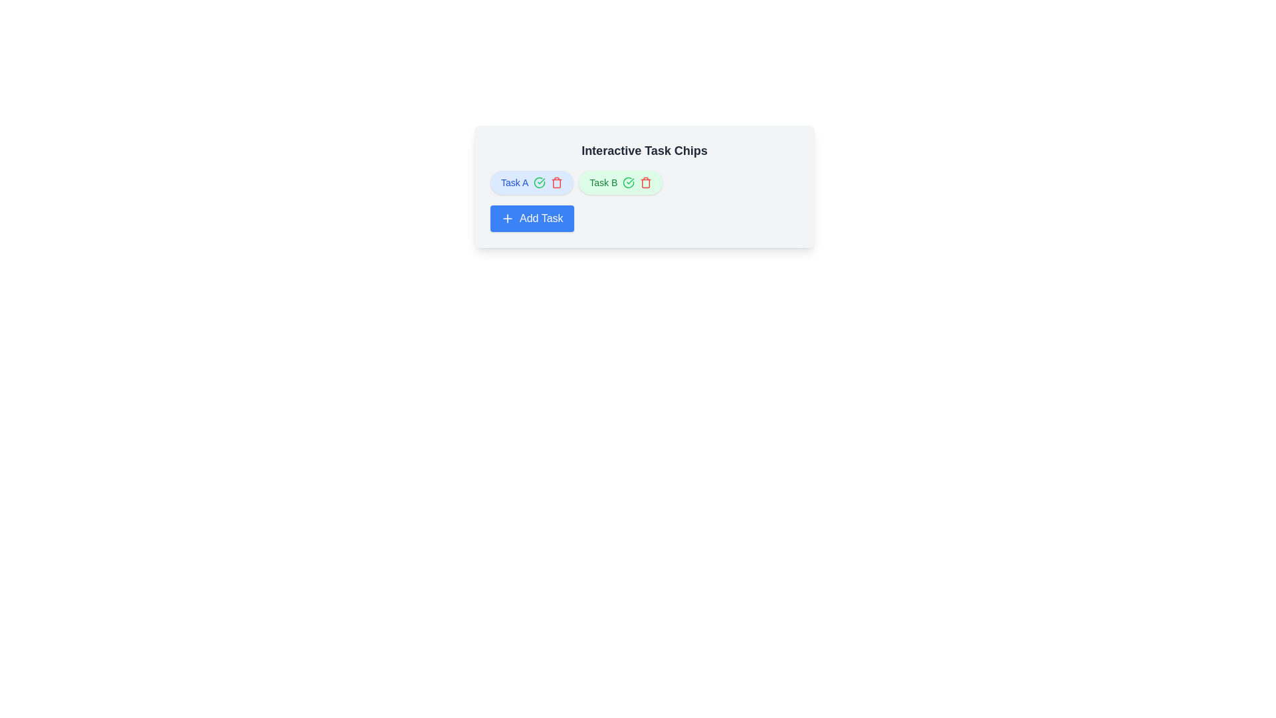 This screenshot has width=1276, height=718. What do you see at coordinates (532, 182) in the screenshot?
I see `the green checkmark icon on the Task chip labeled 'Task A' to mark it as completed` at bounding box center [532, 182].